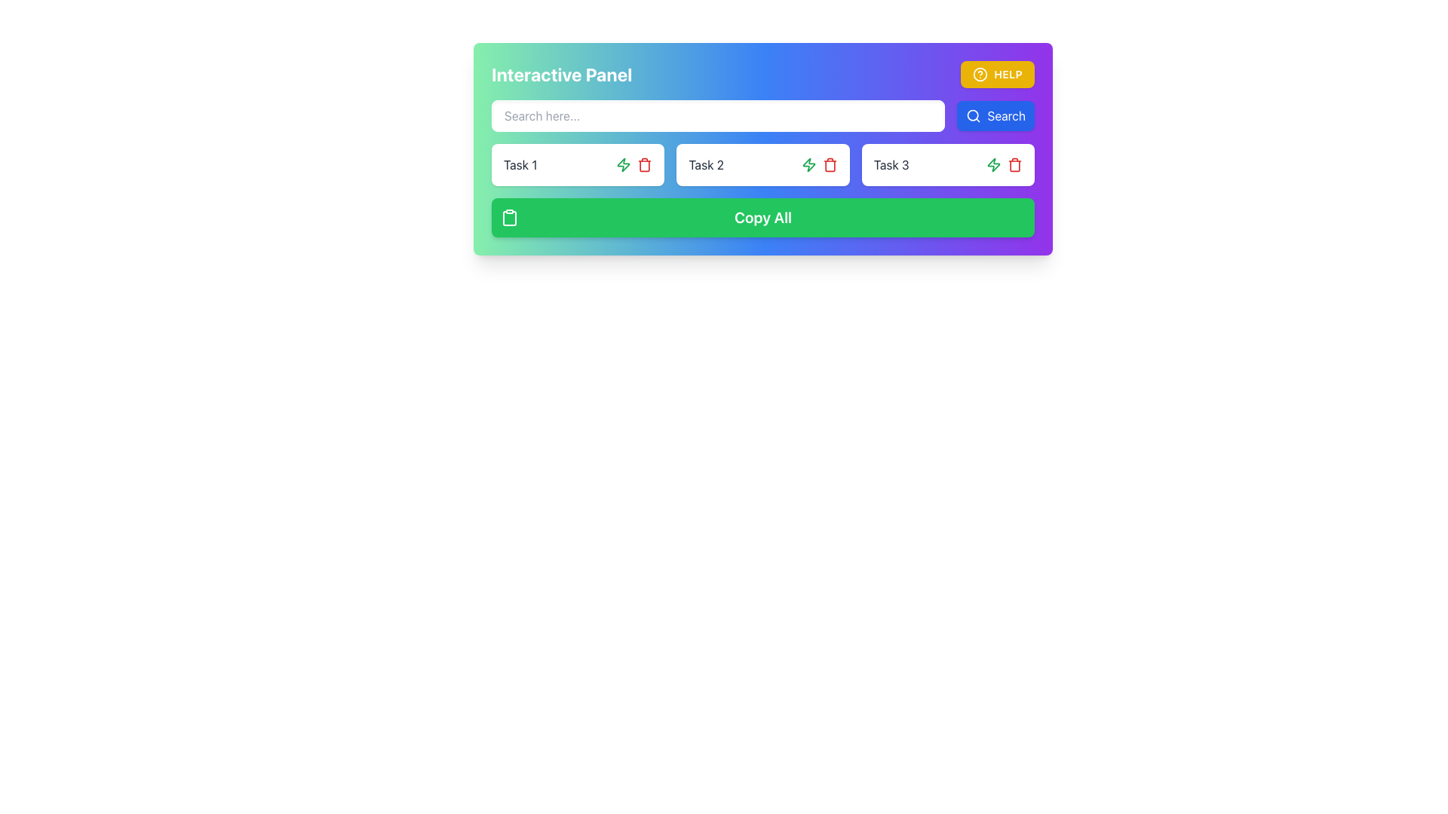  I want to click on the second icon shaped like a green lightning bolt located inside the box labeled 'Task 2', so click(624, 165).